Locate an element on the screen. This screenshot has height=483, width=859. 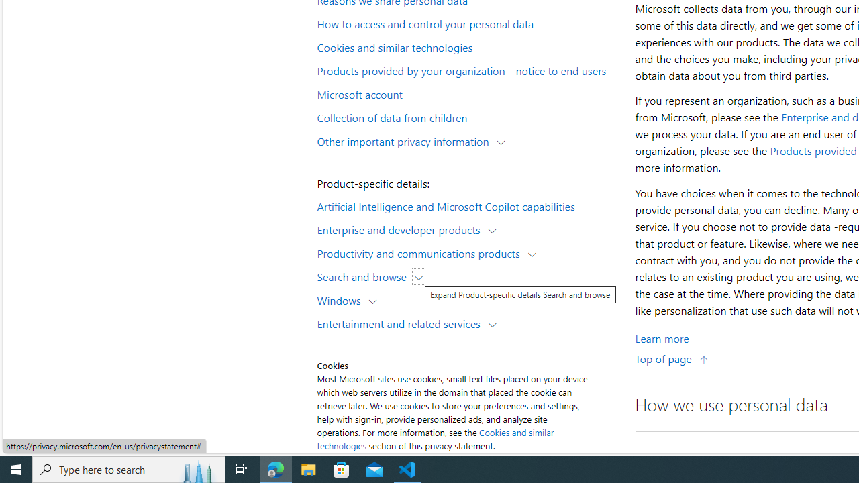
'Artificial Intelligence and Microsoft Copilot capabilities' is located at coordinates (467, 205).